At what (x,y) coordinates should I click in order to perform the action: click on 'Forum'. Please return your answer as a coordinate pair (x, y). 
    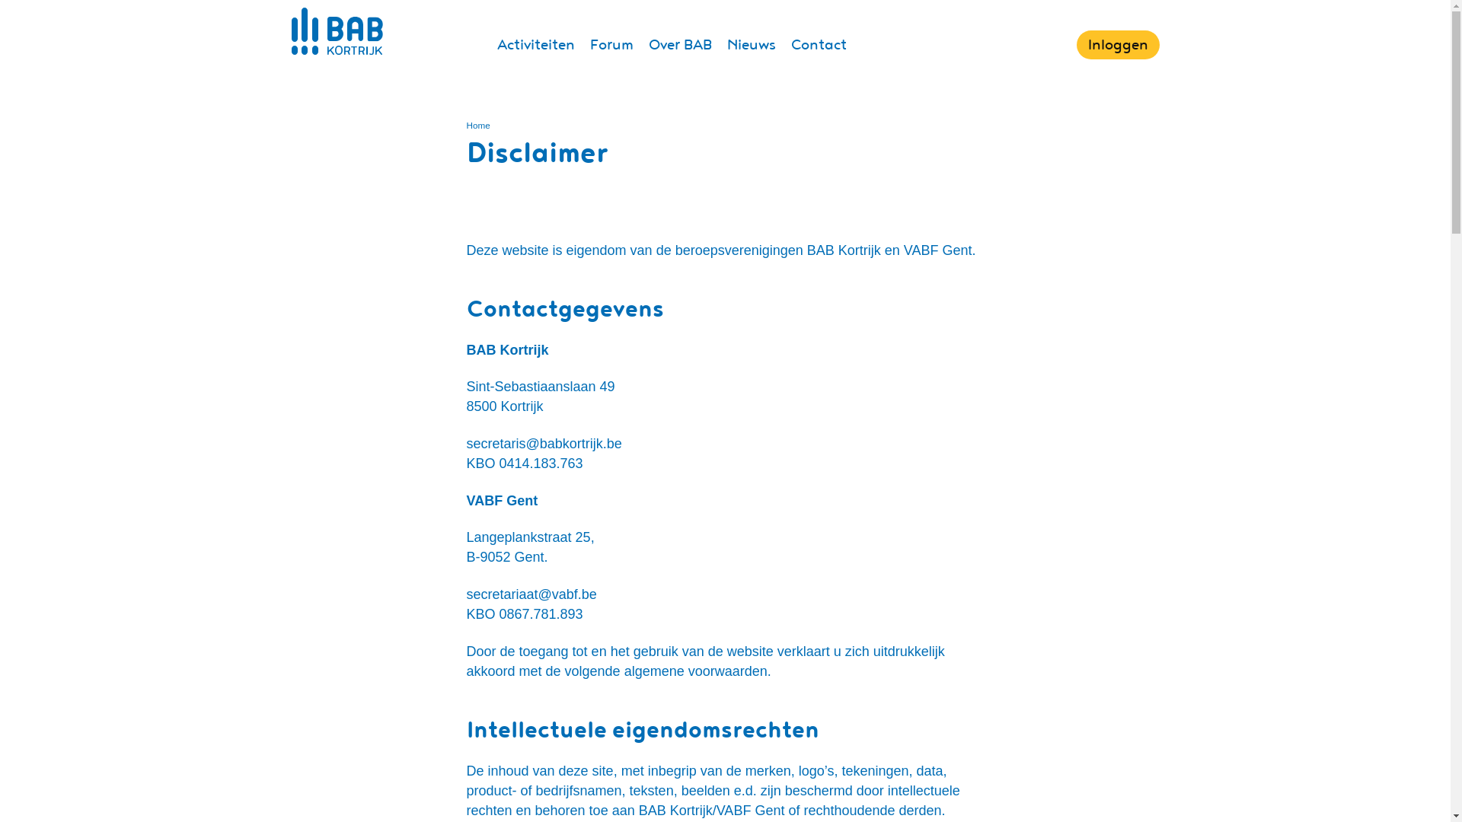
    Looking at the image, I should click on (611, 43).